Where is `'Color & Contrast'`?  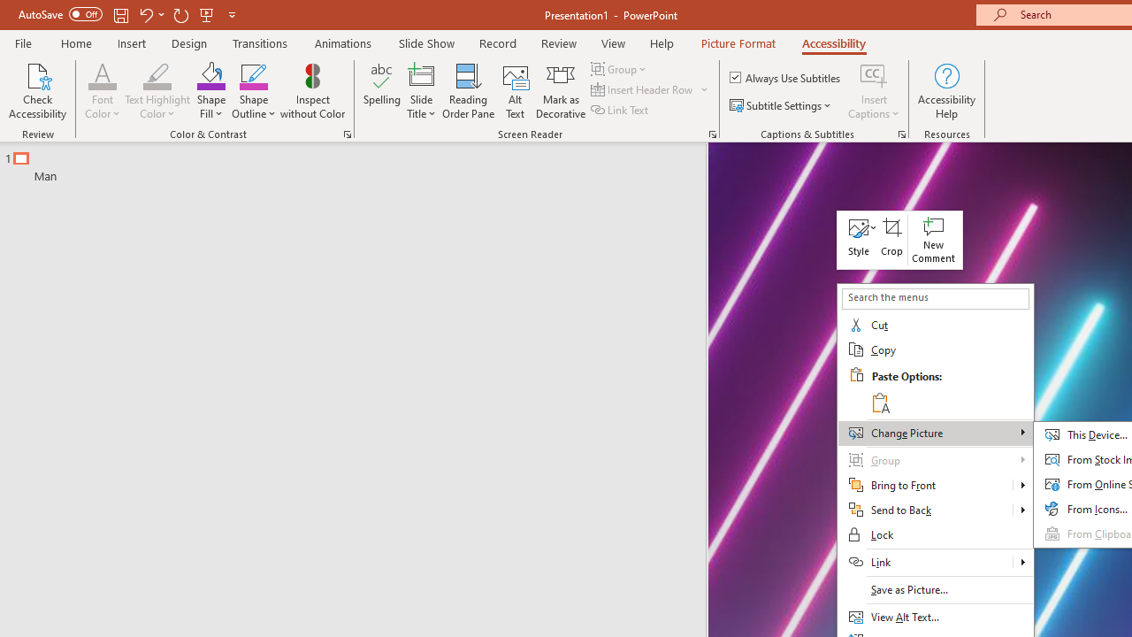 'Color & Contrast' is located at coordinates (347, 133).